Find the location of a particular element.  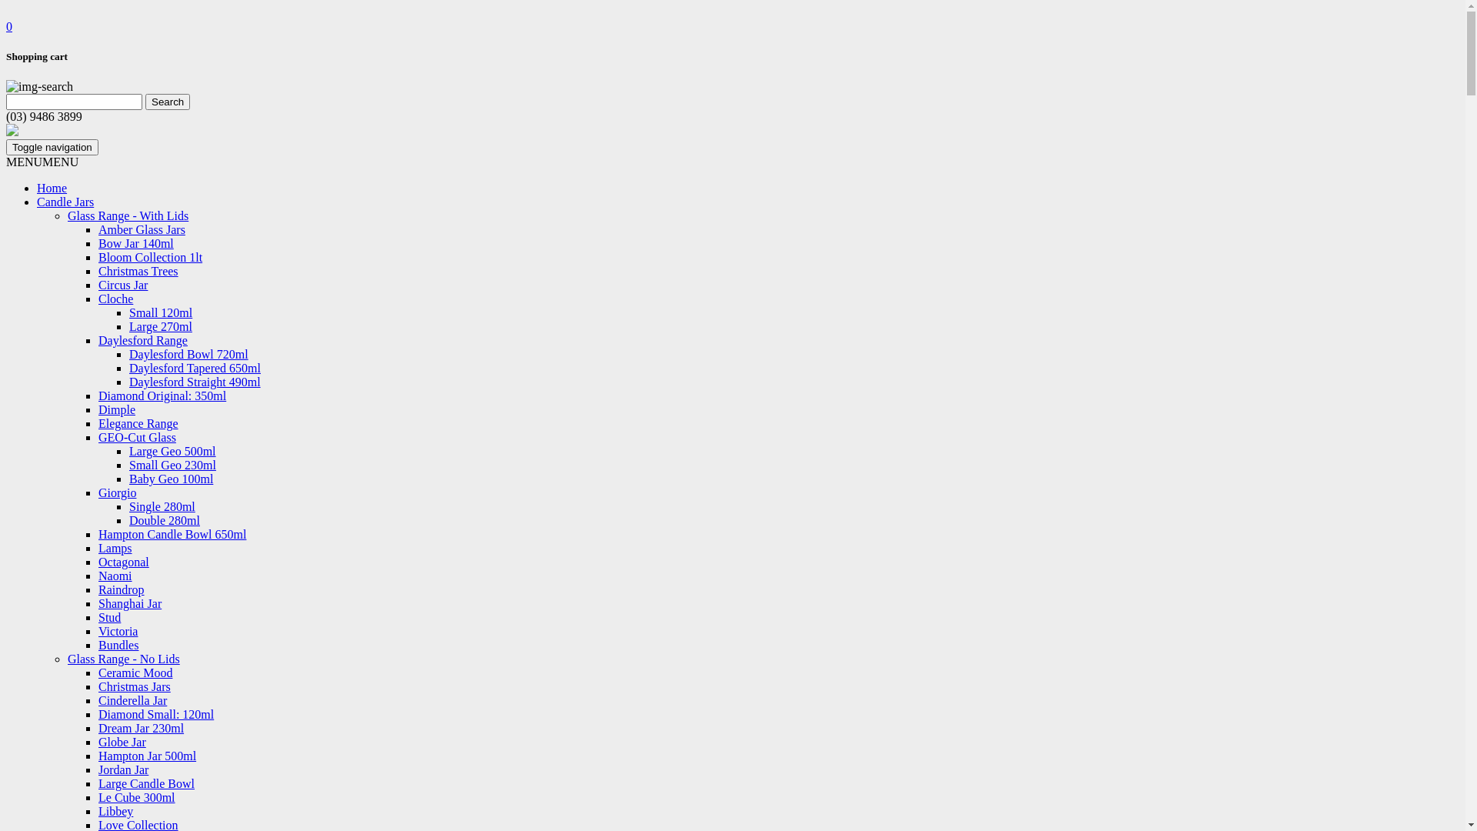

'Giorgio' is located at coordinates (116, 492).